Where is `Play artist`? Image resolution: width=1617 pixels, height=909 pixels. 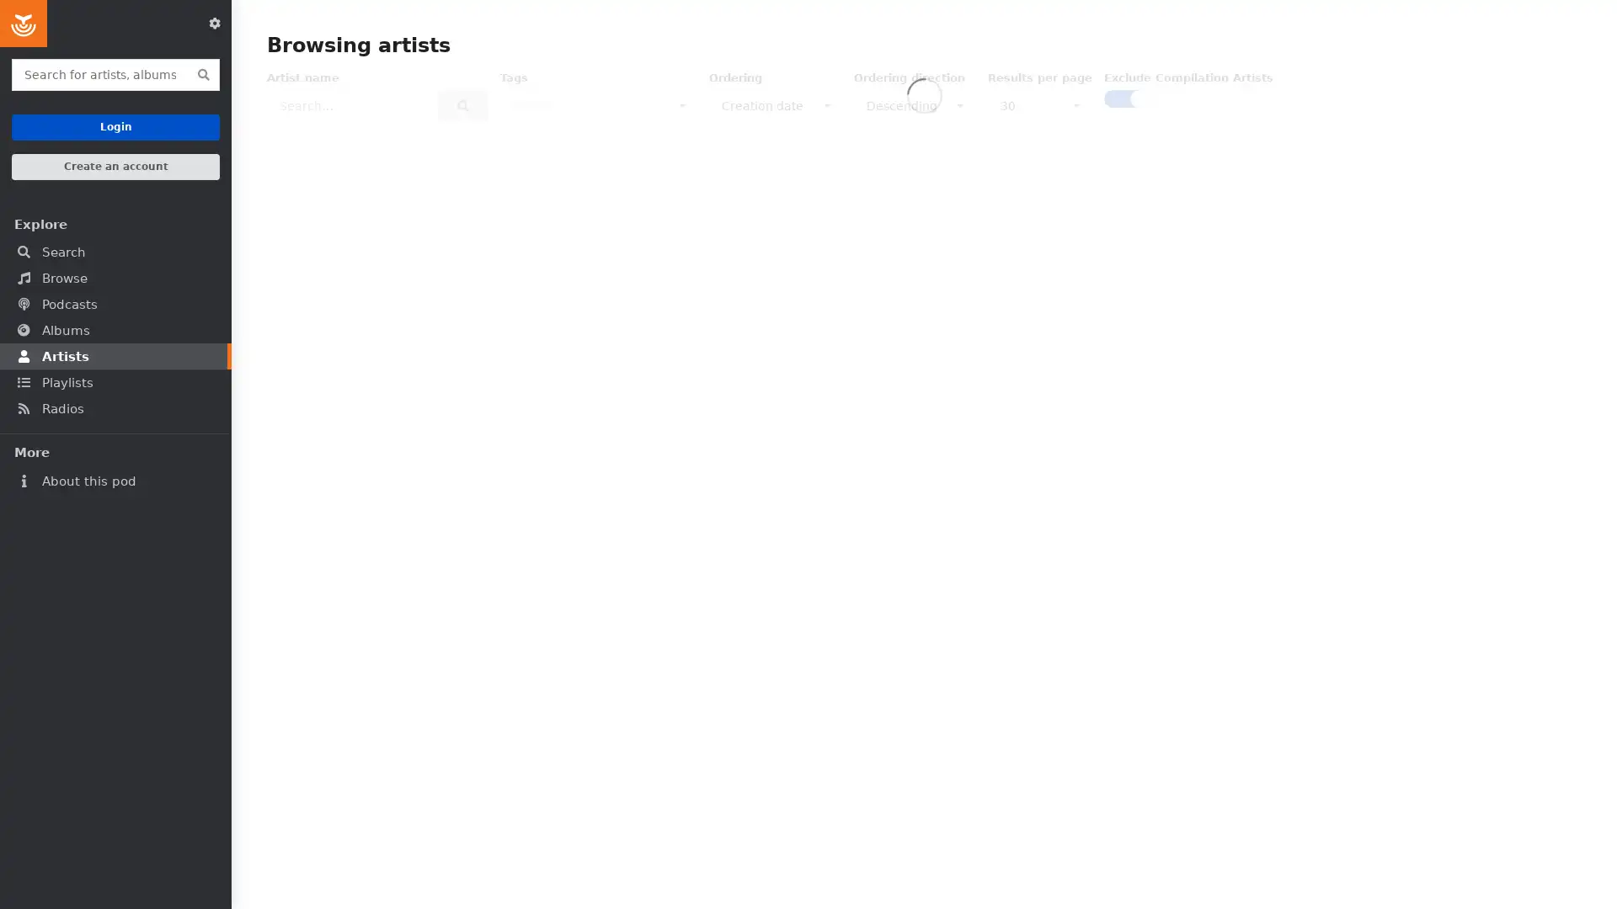 Play artist is located at coordinates (772, 871).